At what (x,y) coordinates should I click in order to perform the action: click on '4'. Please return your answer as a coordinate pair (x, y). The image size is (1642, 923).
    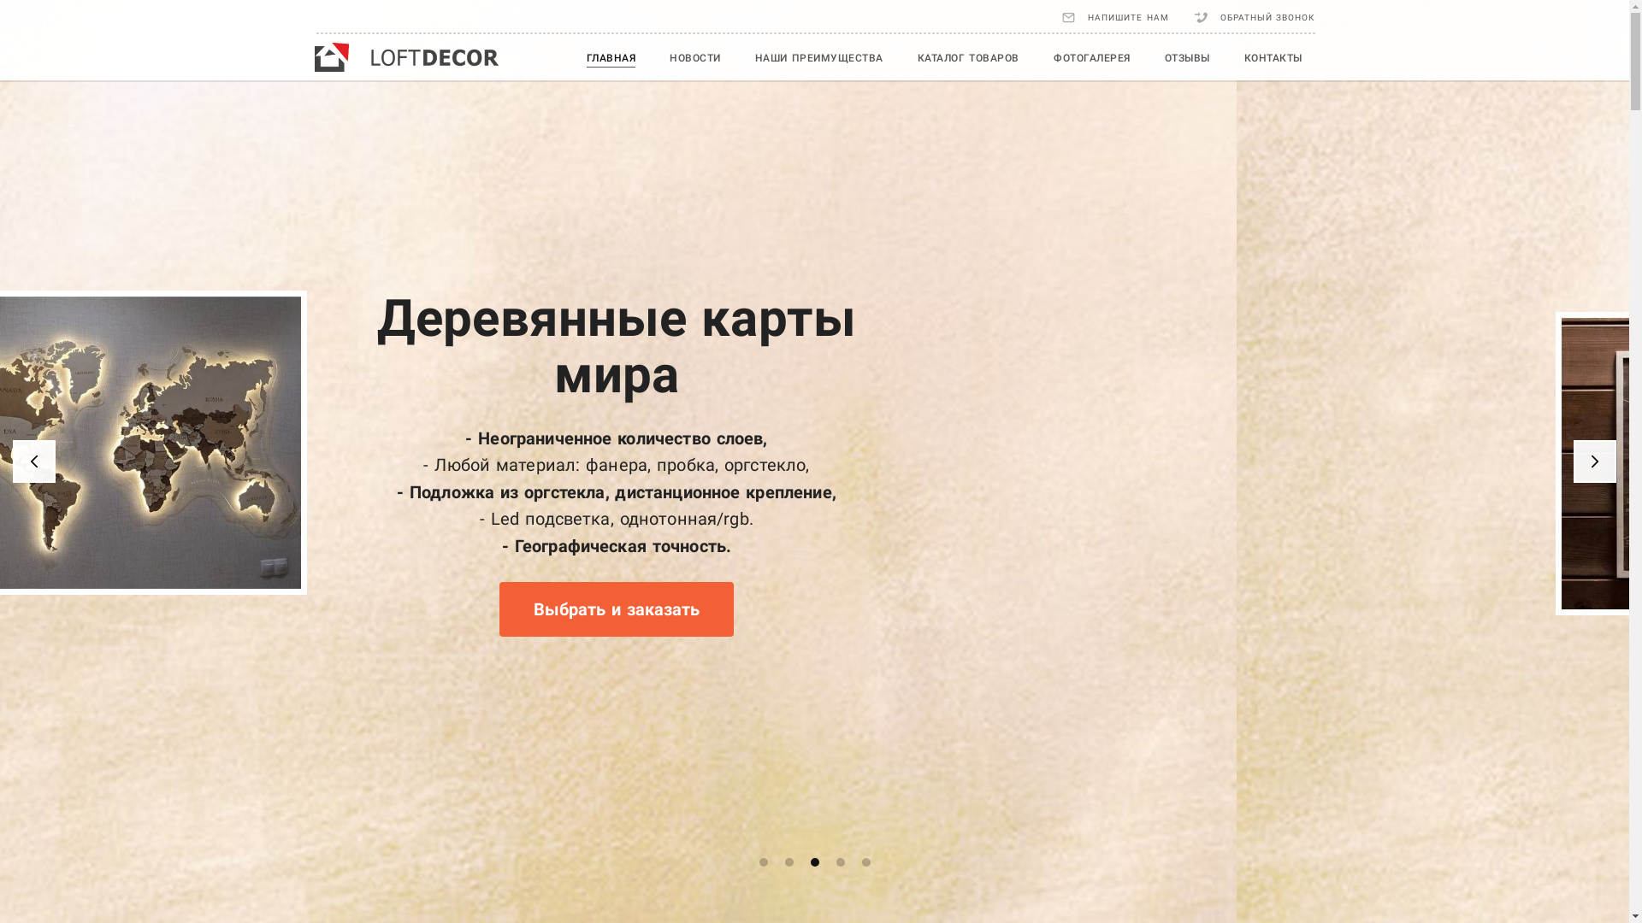
    Looking at the image, I should click on (836, 862).